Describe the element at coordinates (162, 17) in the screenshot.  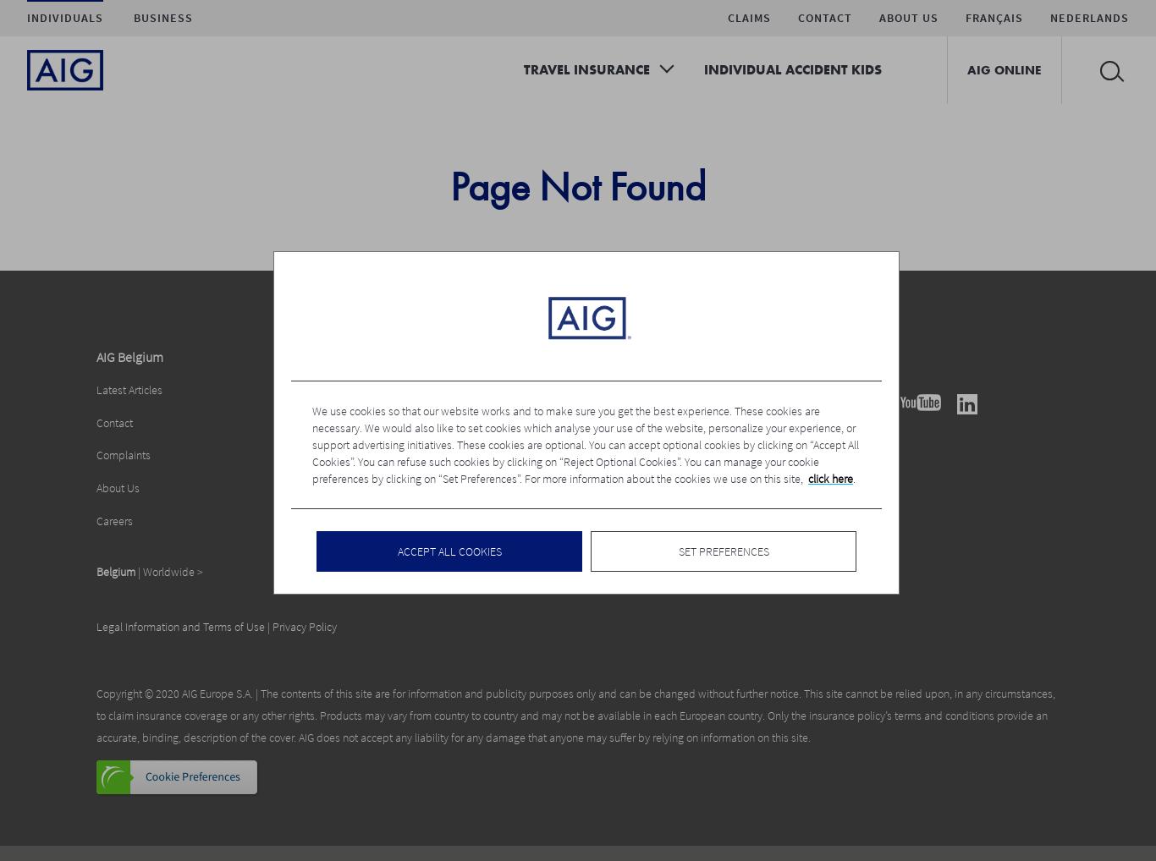
I see `'Business'` at that location.